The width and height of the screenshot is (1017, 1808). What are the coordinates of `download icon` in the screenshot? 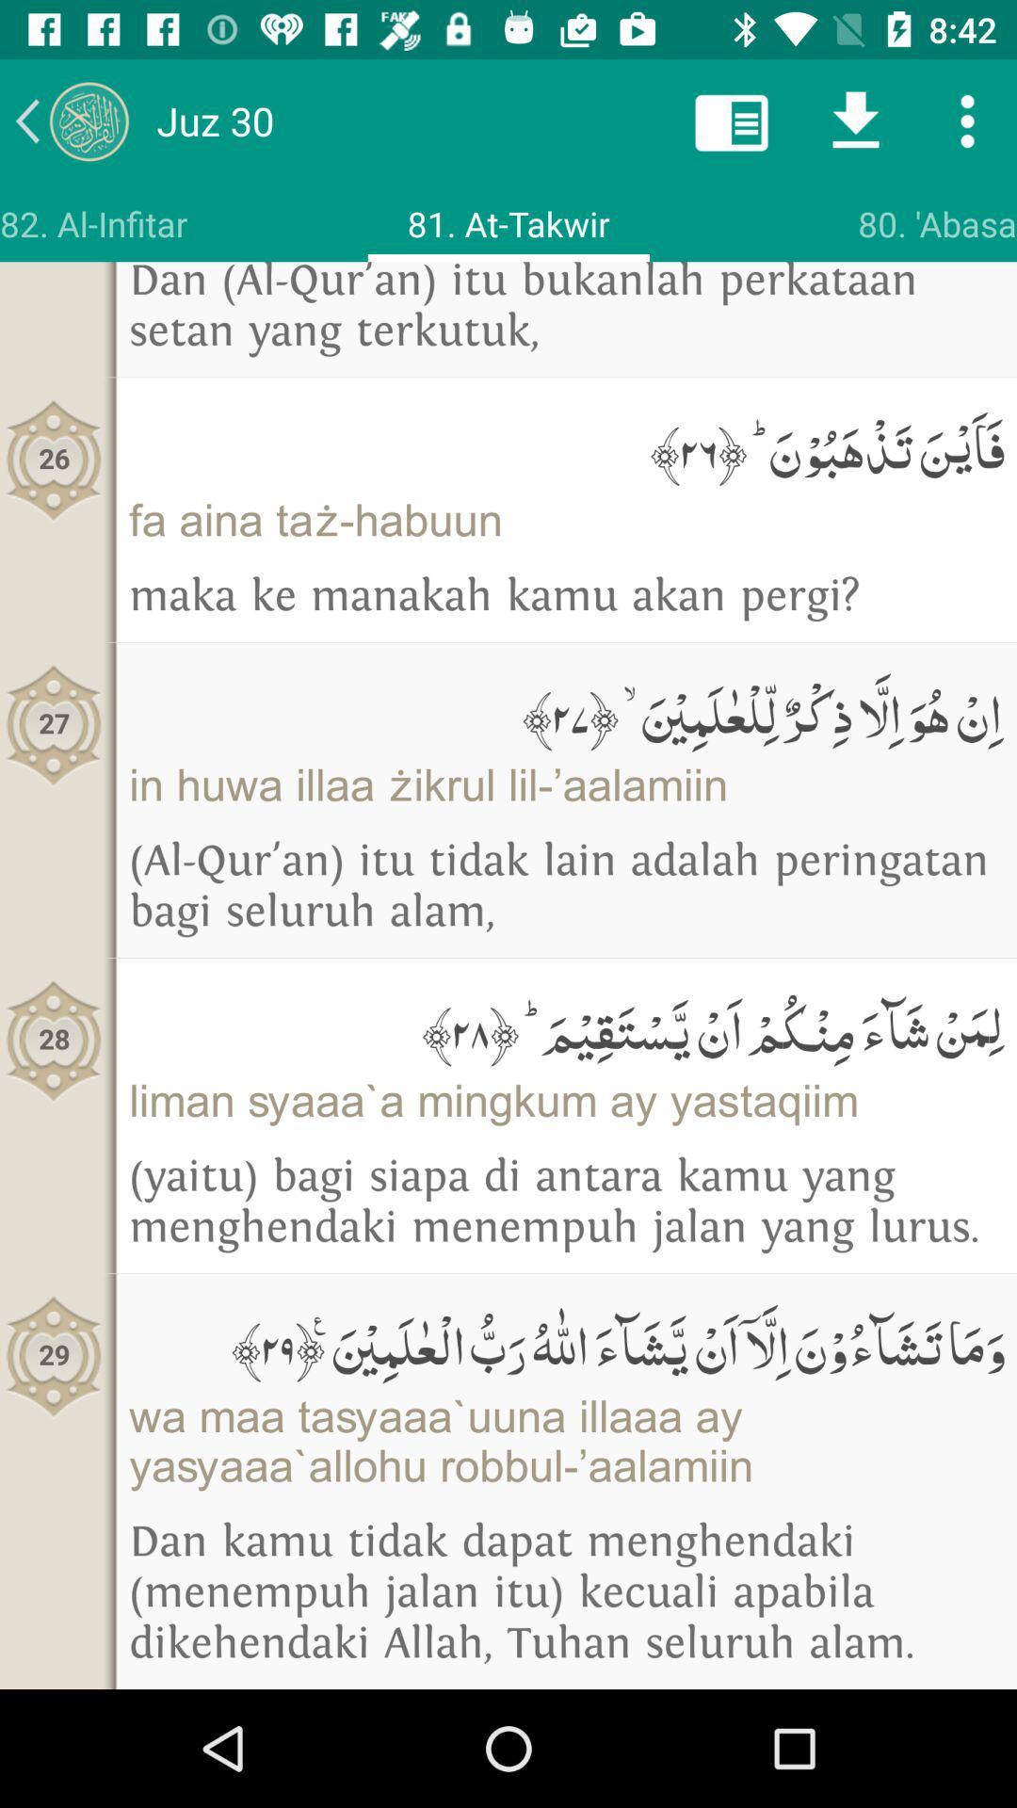 It's located at (856, 120).